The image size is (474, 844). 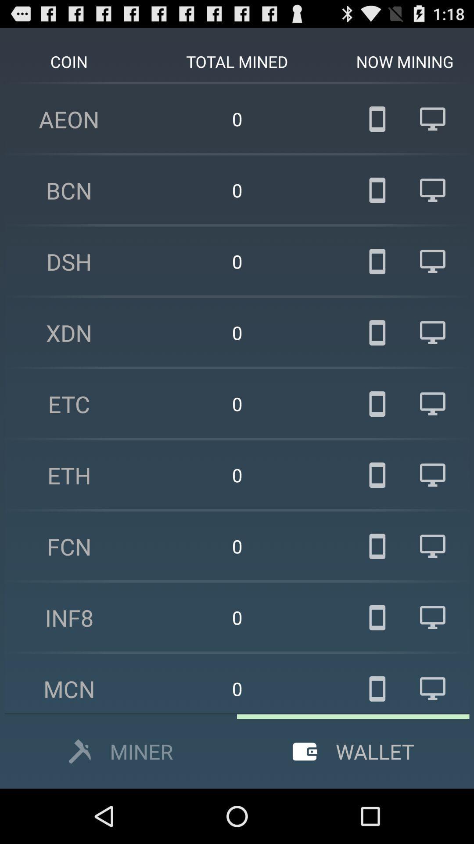 I want to click on the wallet icon, so click(x=304, y=750).